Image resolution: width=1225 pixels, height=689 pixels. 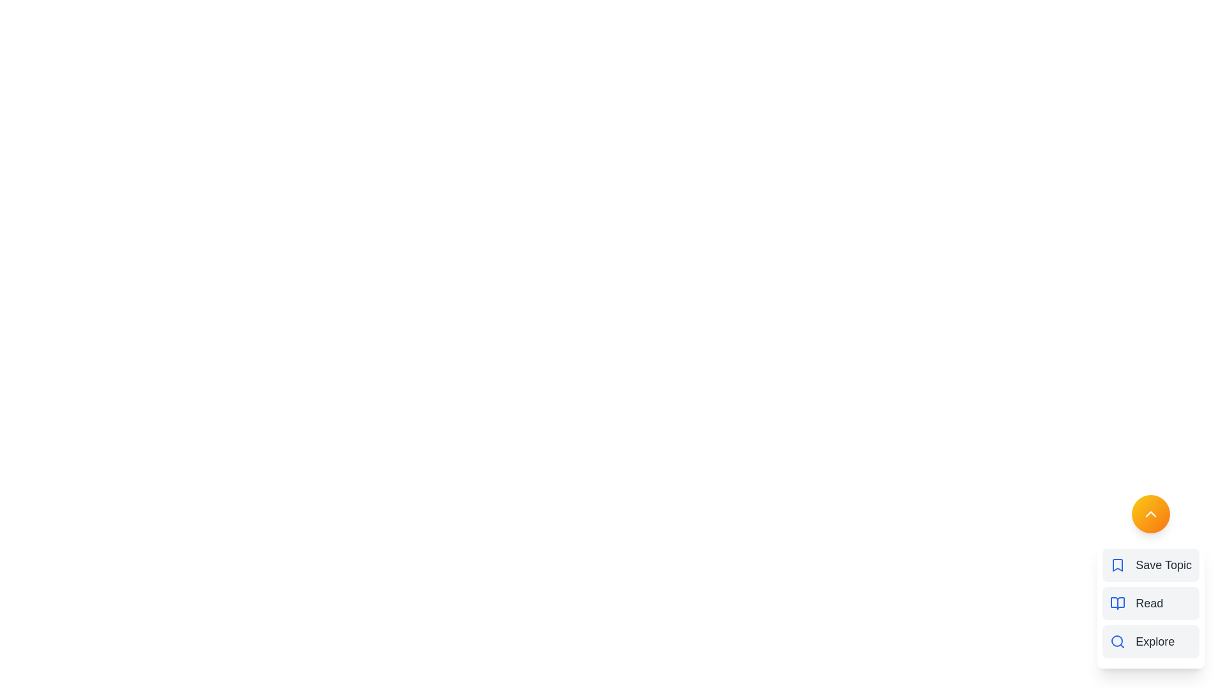 What do you see at coordinates (1151, 642) in the screenshot?
I see `the menu option Explore` at bounding box center [1151, 642].